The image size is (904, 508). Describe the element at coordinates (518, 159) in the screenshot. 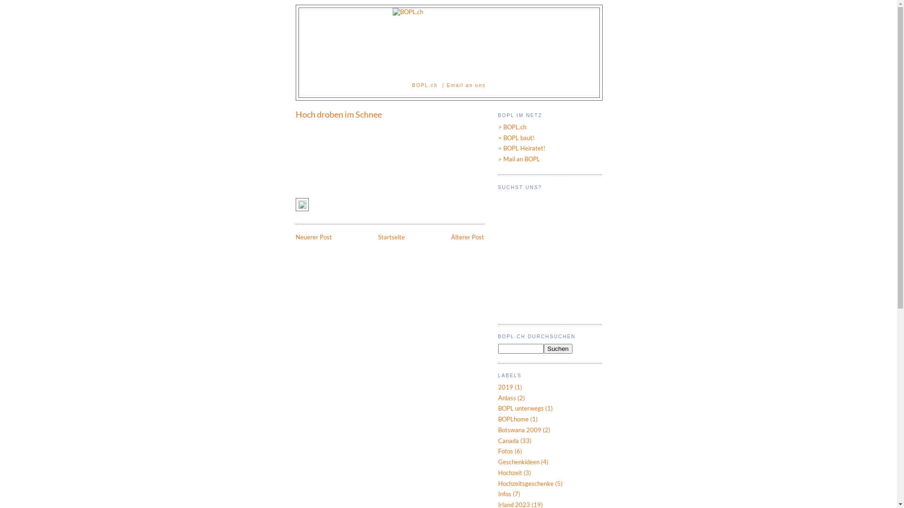

I see `'> Mail an BOPL'` at that location.